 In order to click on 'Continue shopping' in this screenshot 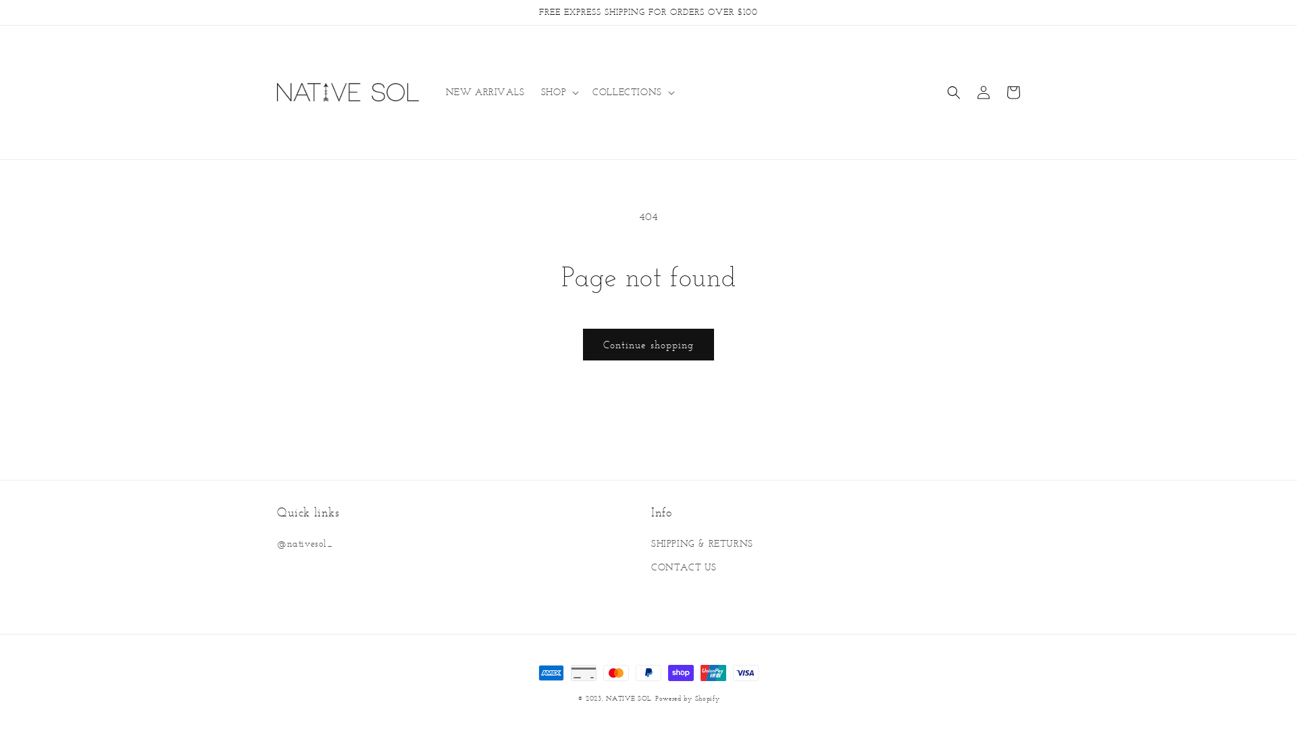, I will do `click(648, 344)`.